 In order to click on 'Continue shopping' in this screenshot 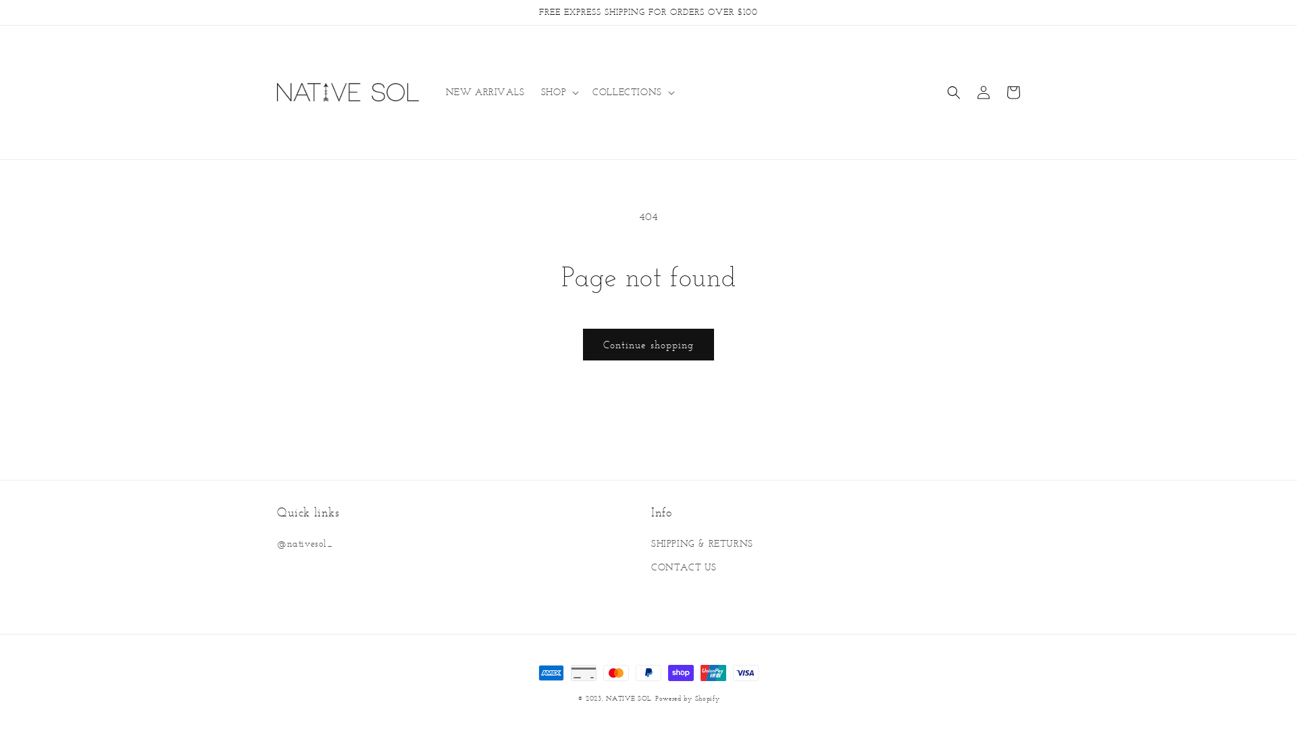, I will do `click(648, 344)`.